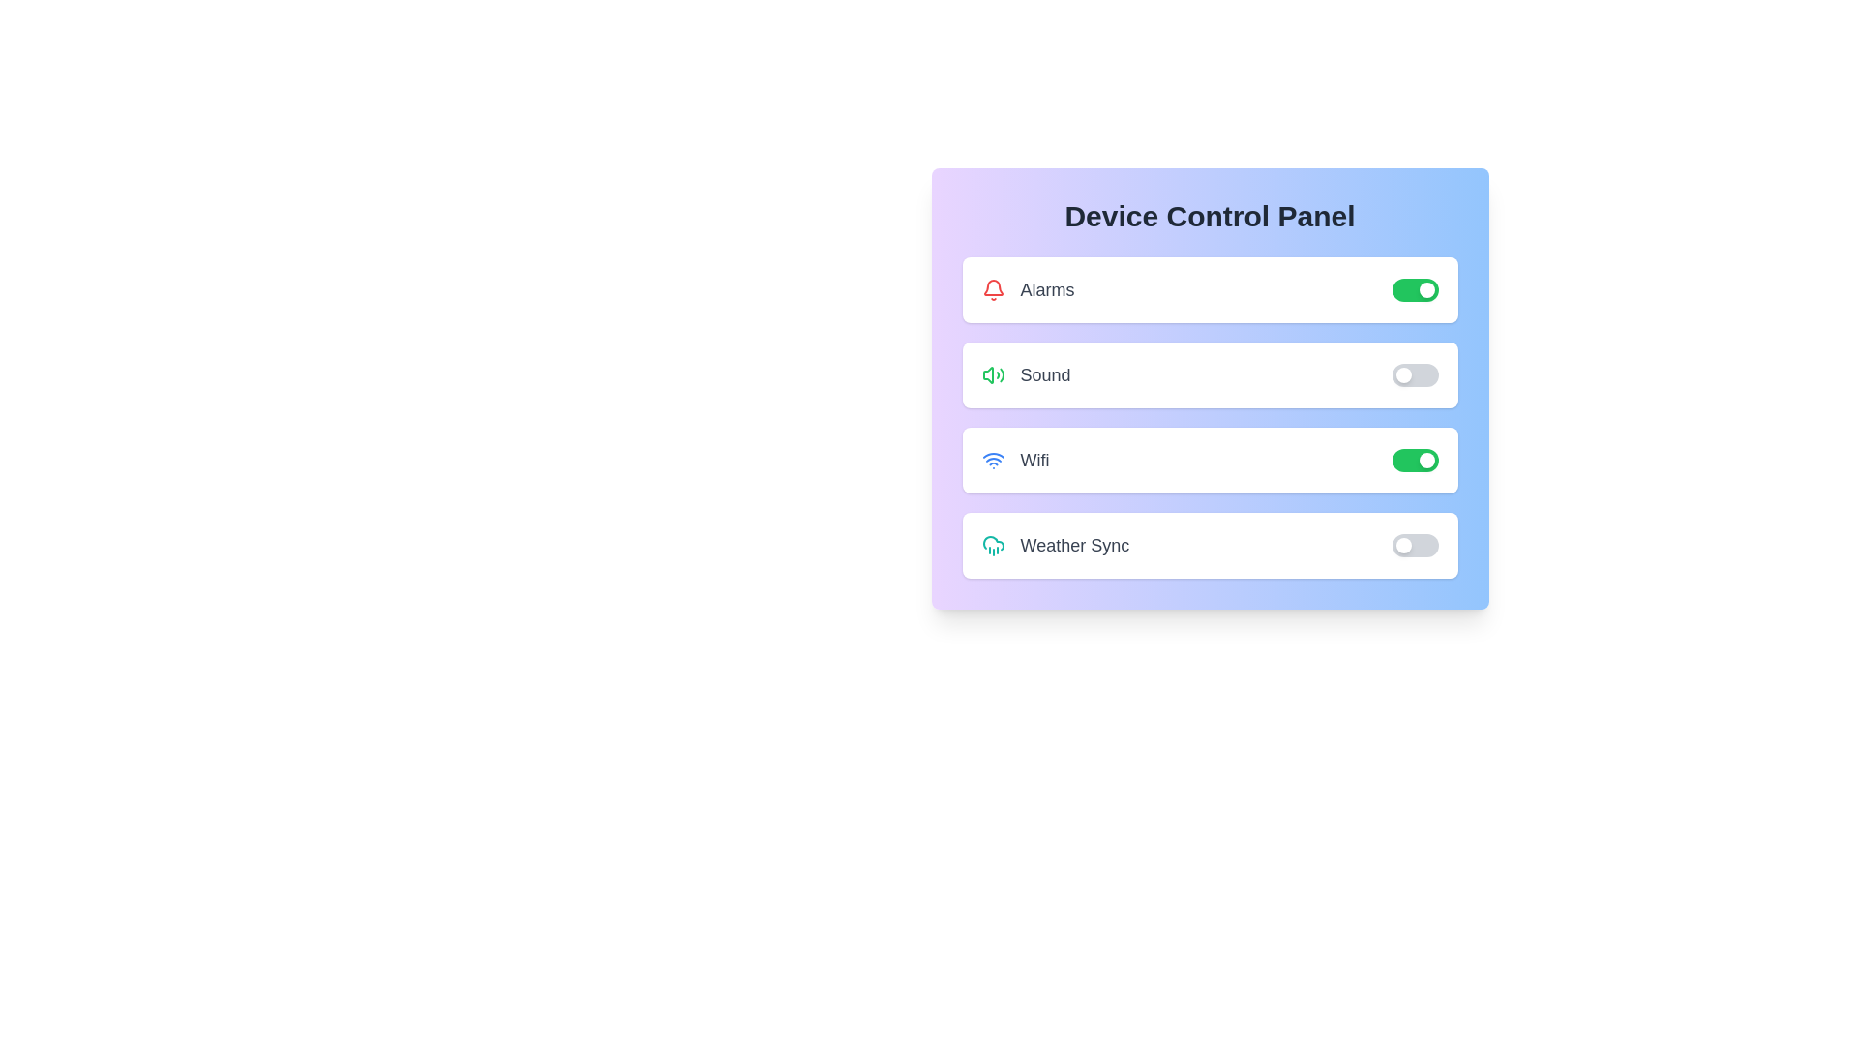  What do you see at coordinates (1415, 545) in the screenshot?
I see `the 'Weather Sync' toggle switch to change its state` at bounding box center [1415, 545].